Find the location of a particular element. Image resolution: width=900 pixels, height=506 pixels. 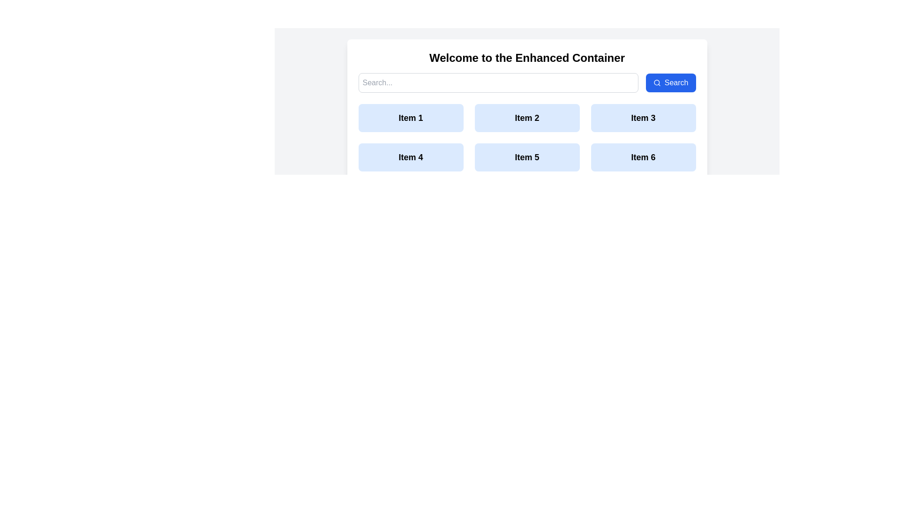

the search icon located to the left of the 'Search' text in the top-right corner of the application is located at coordinates (656, 82).